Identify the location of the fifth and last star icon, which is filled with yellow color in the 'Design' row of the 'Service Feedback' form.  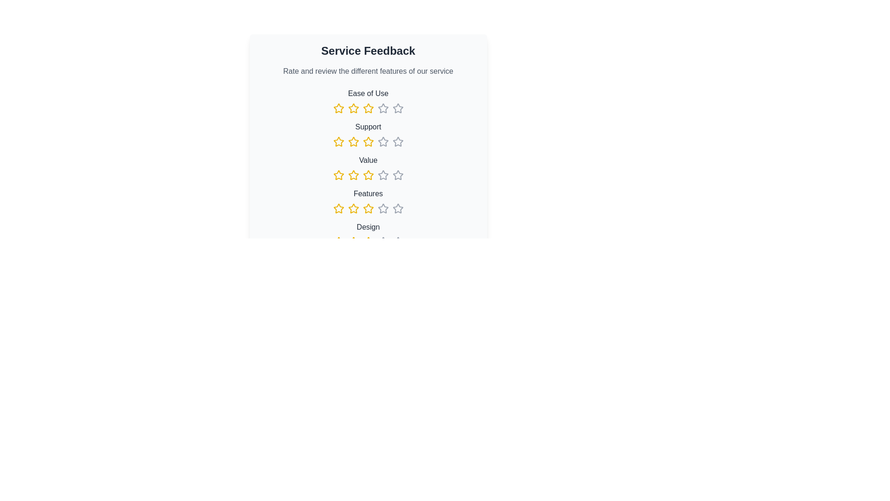
(368, 241).